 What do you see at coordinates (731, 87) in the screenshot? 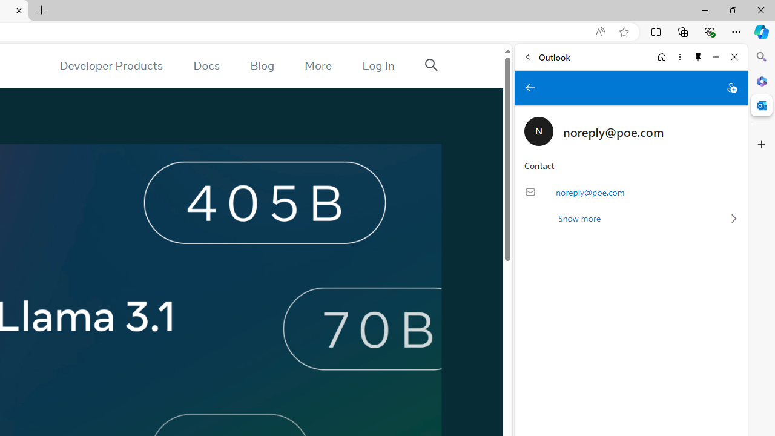
I see `'Add to contacts'` at bounding box center [731, 87].